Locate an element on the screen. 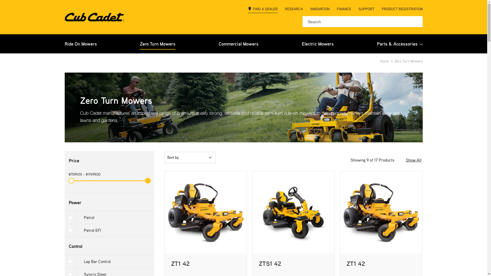 The width and height of the screenshot is (491, 276). 'Ride On Mowers' is located at coordinates (64, 43).